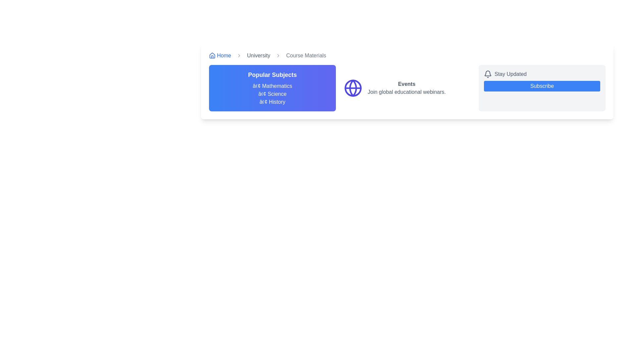 Image resolution: width=636 pixels, height=358 pixels. What do you see at coordinates (407, 88) in the screenshot?
I see `the informational section that highlights educational webinars, positioned centrally between 'Popular Subjects' and 'Stay Updated', with a globe icon on the left and text on the right` at bounding box center [407, 88].